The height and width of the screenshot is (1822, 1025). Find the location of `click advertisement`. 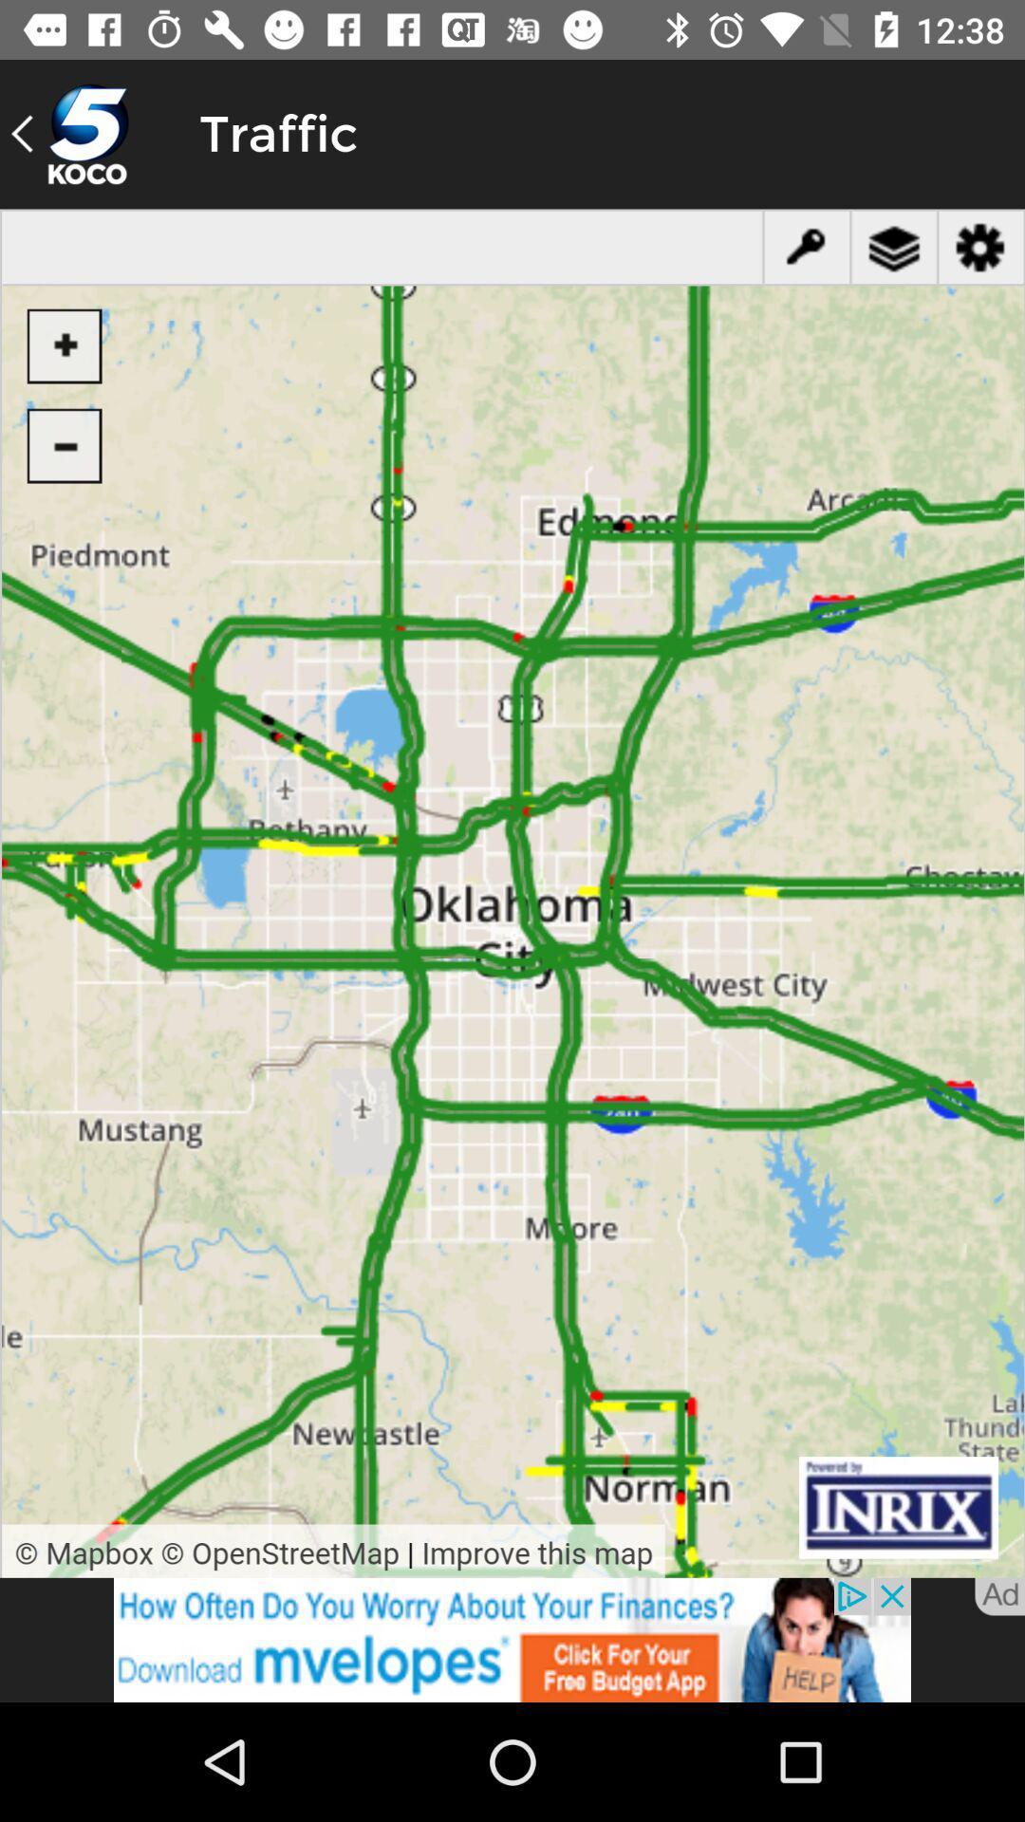

click advertisement is located at coordinates (512, 1639).